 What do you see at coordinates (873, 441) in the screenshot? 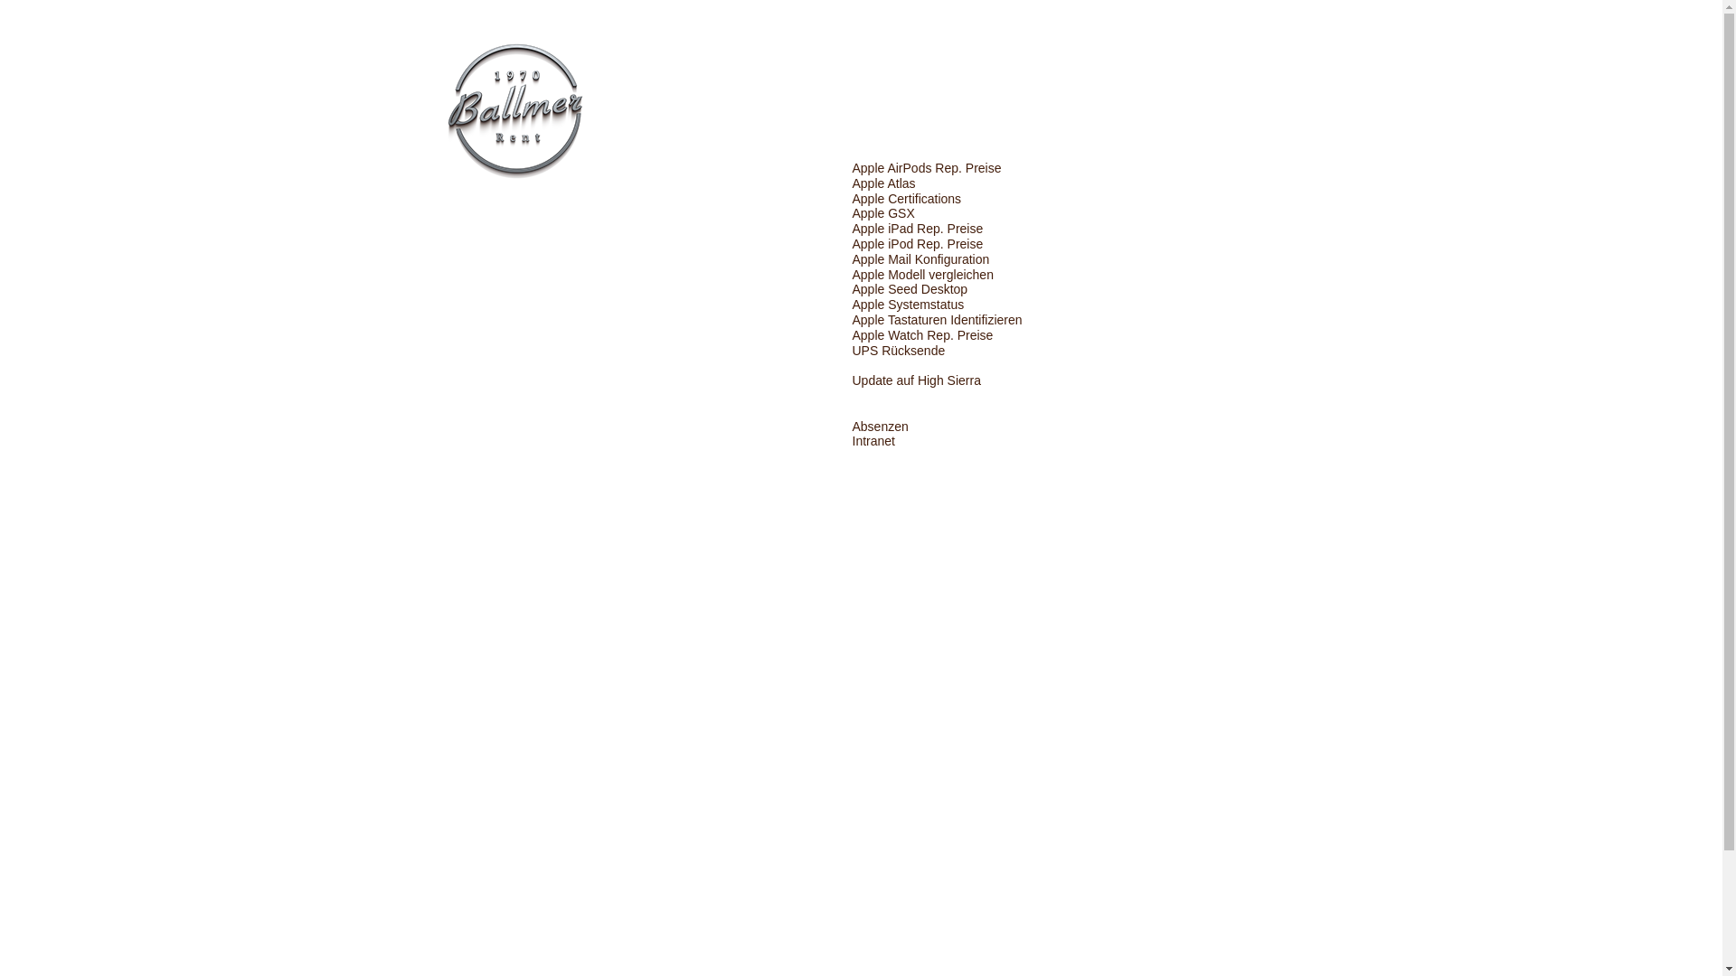
I see `'Intranet'` at bounding box center [873, 441].